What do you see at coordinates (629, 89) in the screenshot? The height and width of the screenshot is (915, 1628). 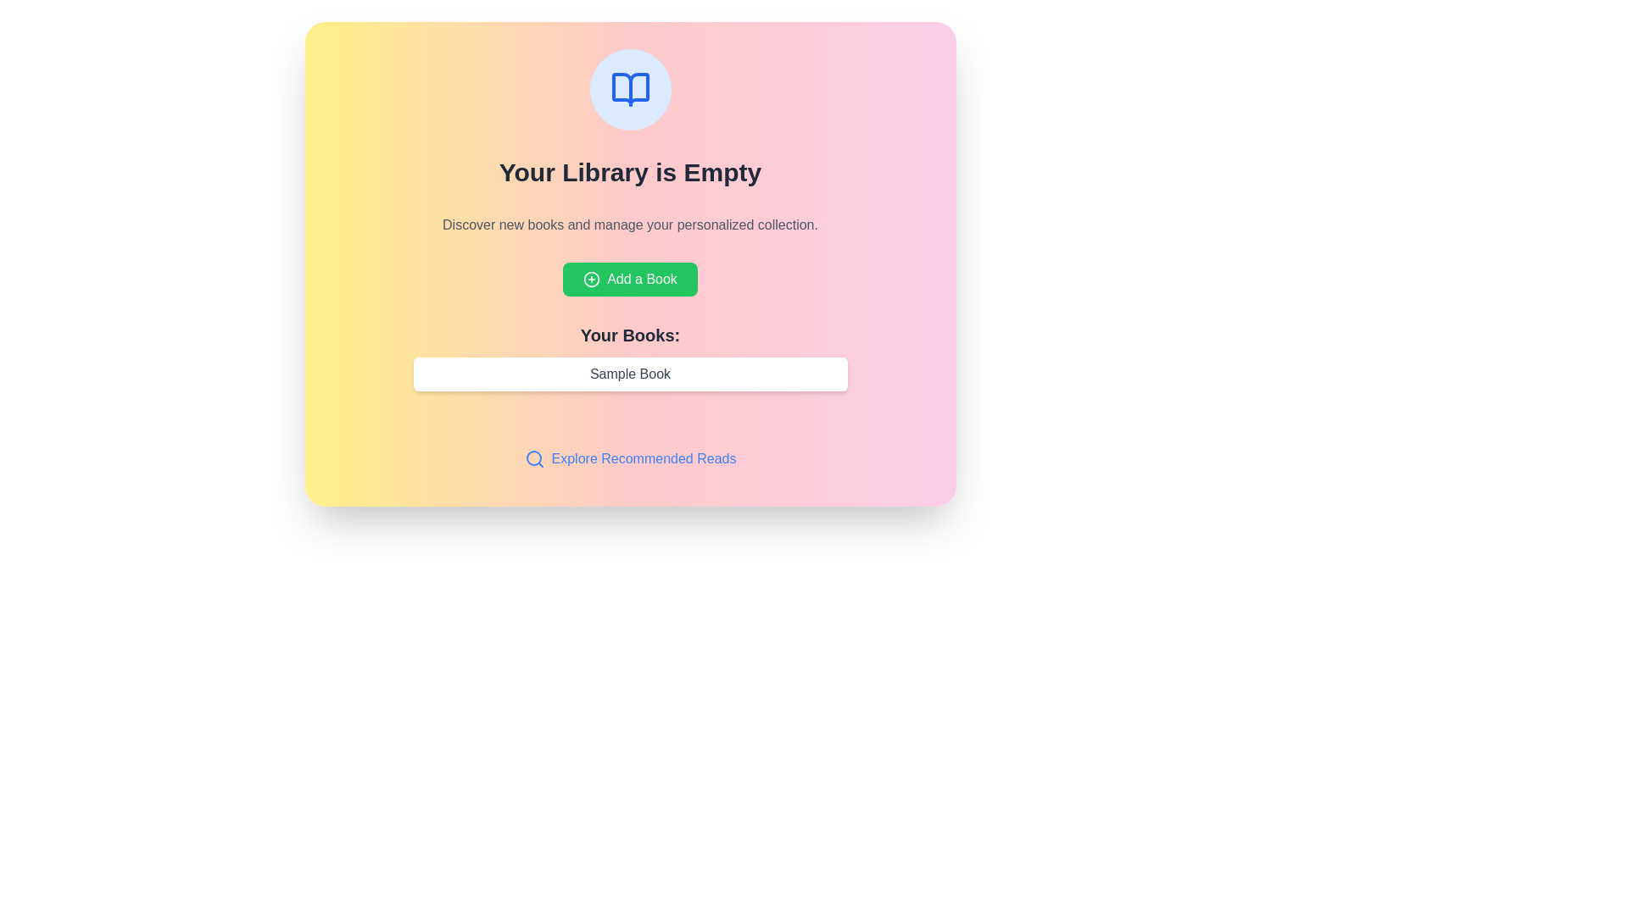 I see `the decorative icon representing books or reading, which is located at the top-center of a card section with a circular blue-shaded background` at bounding box center [629, 89].